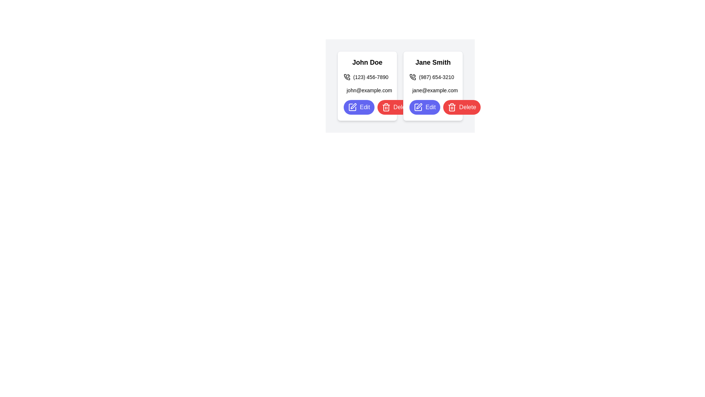 The width and height of the screenshot is (705, 397). What do you see at coordinates (433, 90) in the screenshot?
I see `the static text display showing the email address 'jane@example.com', which is located below the phone number of 'Jane Smith' and above the 'Edit' and 'Delete' buttons` at bounding box center [433, 90].